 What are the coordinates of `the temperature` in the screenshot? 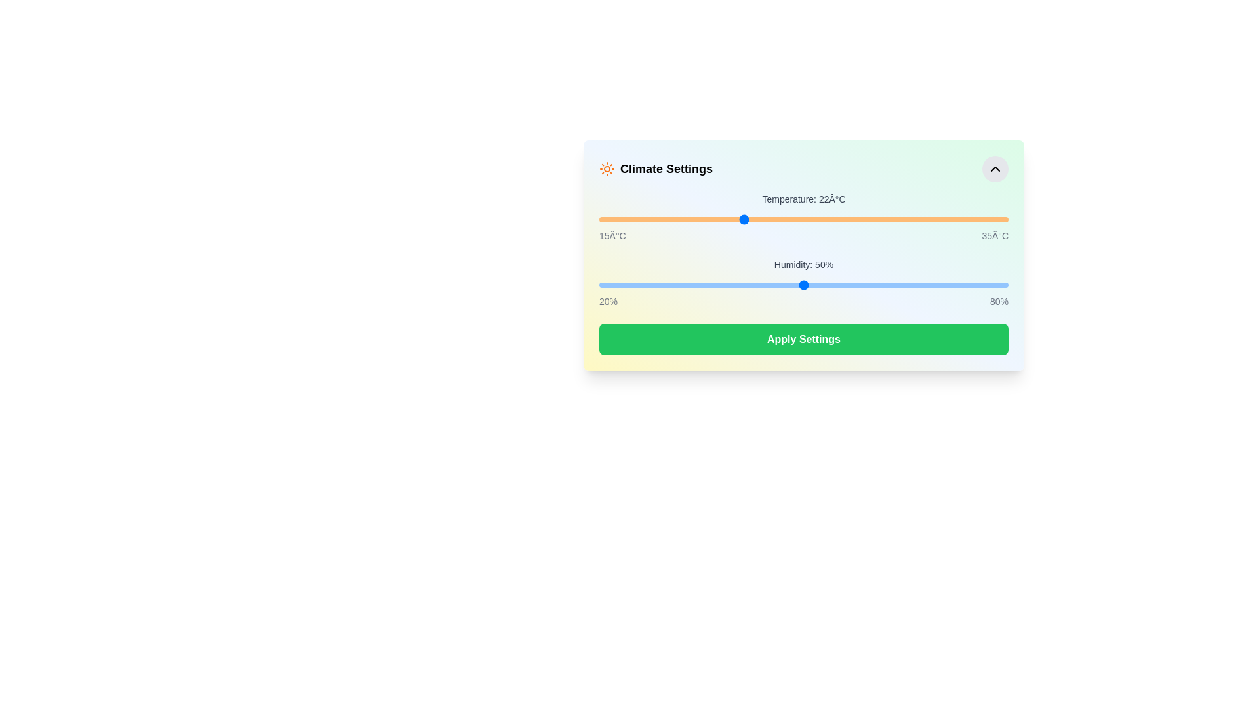 It's located at (619, 219).